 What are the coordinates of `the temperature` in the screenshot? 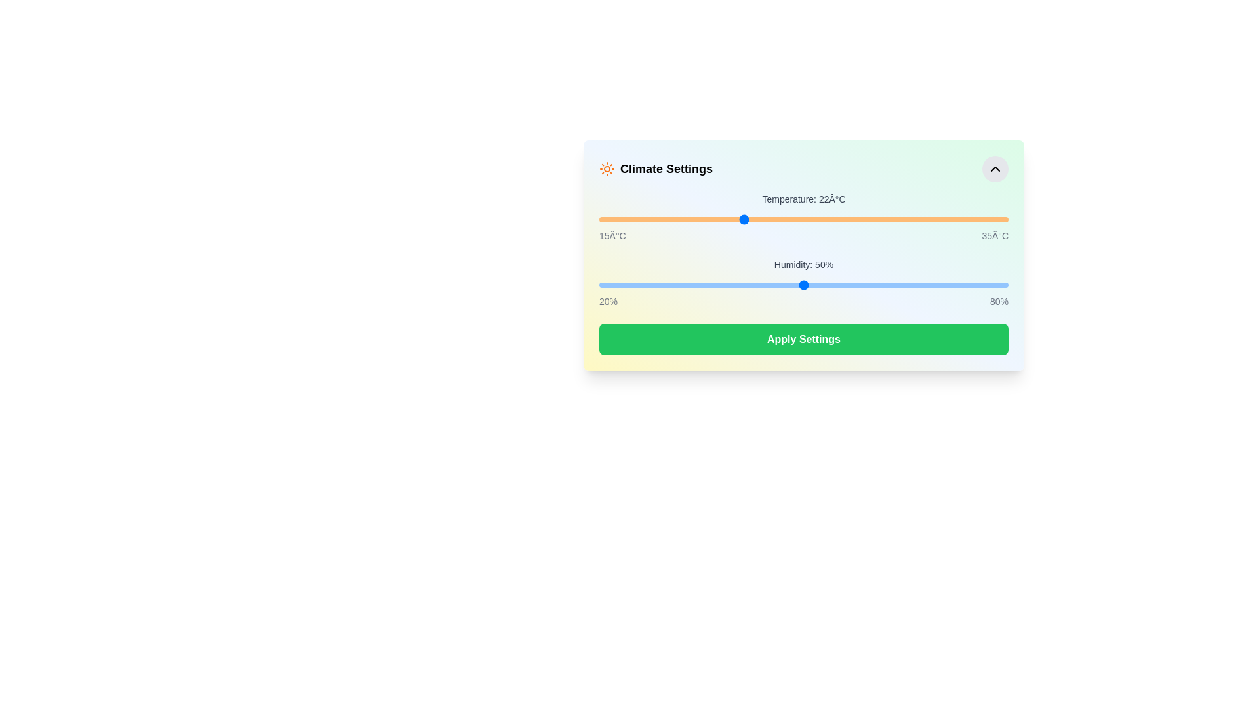 It's located at (619, 219).